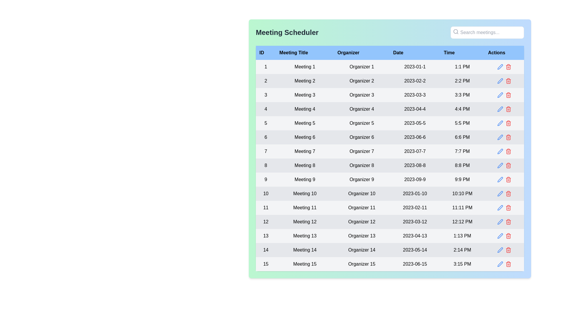 The width and height of the screenshot is (564, 317). I want to click on the static text displaying the date for 'Meeting 5' in the fifth row of the table, located in the 'Date' column, so click(414, 123).